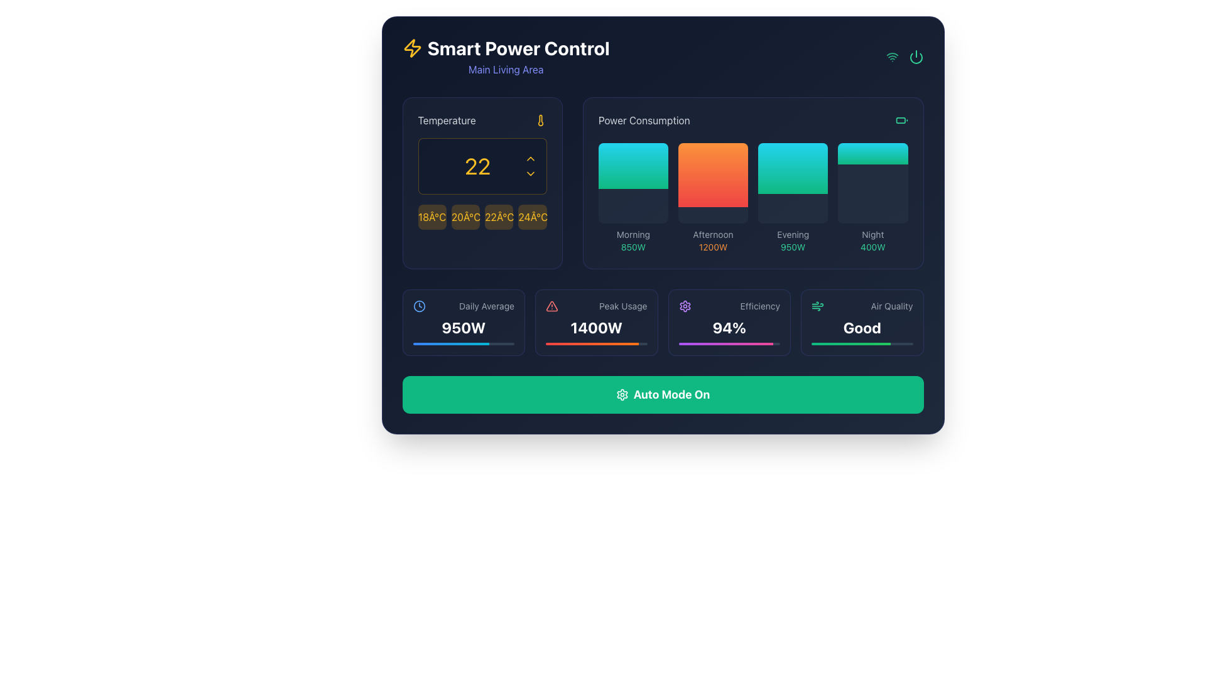  I want to click on the 'Afternoon' text label located under the 'Power Consumption' section, so click(713, 235).